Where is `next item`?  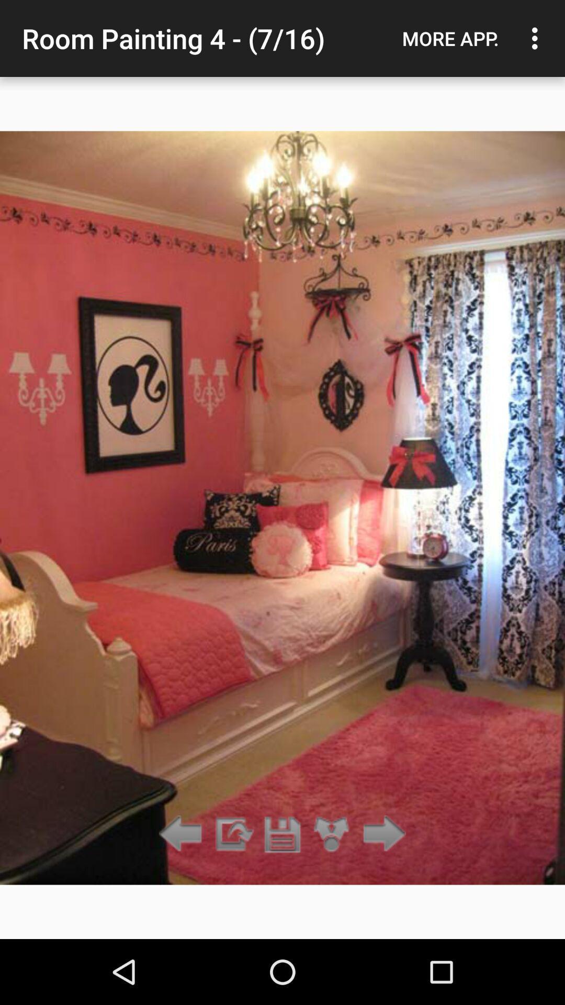 next item is located at coordinates (381, 834).